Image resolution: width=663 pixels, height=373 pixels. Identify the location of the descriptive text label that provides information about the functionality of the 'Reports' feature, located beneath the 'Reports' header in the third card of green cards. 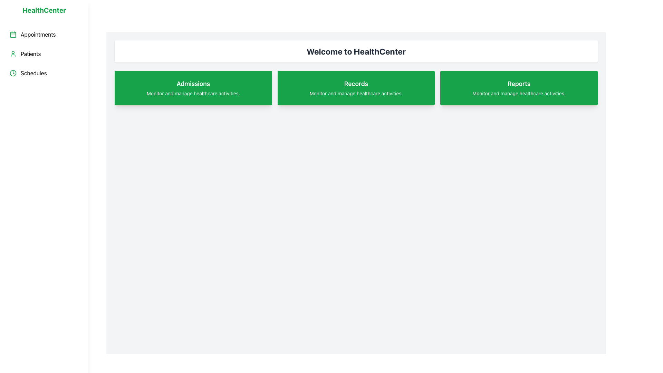
(519, 93).